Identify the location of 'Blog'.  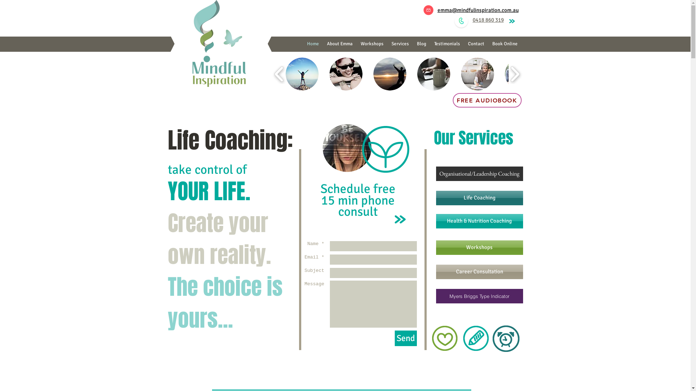
(421, 44).